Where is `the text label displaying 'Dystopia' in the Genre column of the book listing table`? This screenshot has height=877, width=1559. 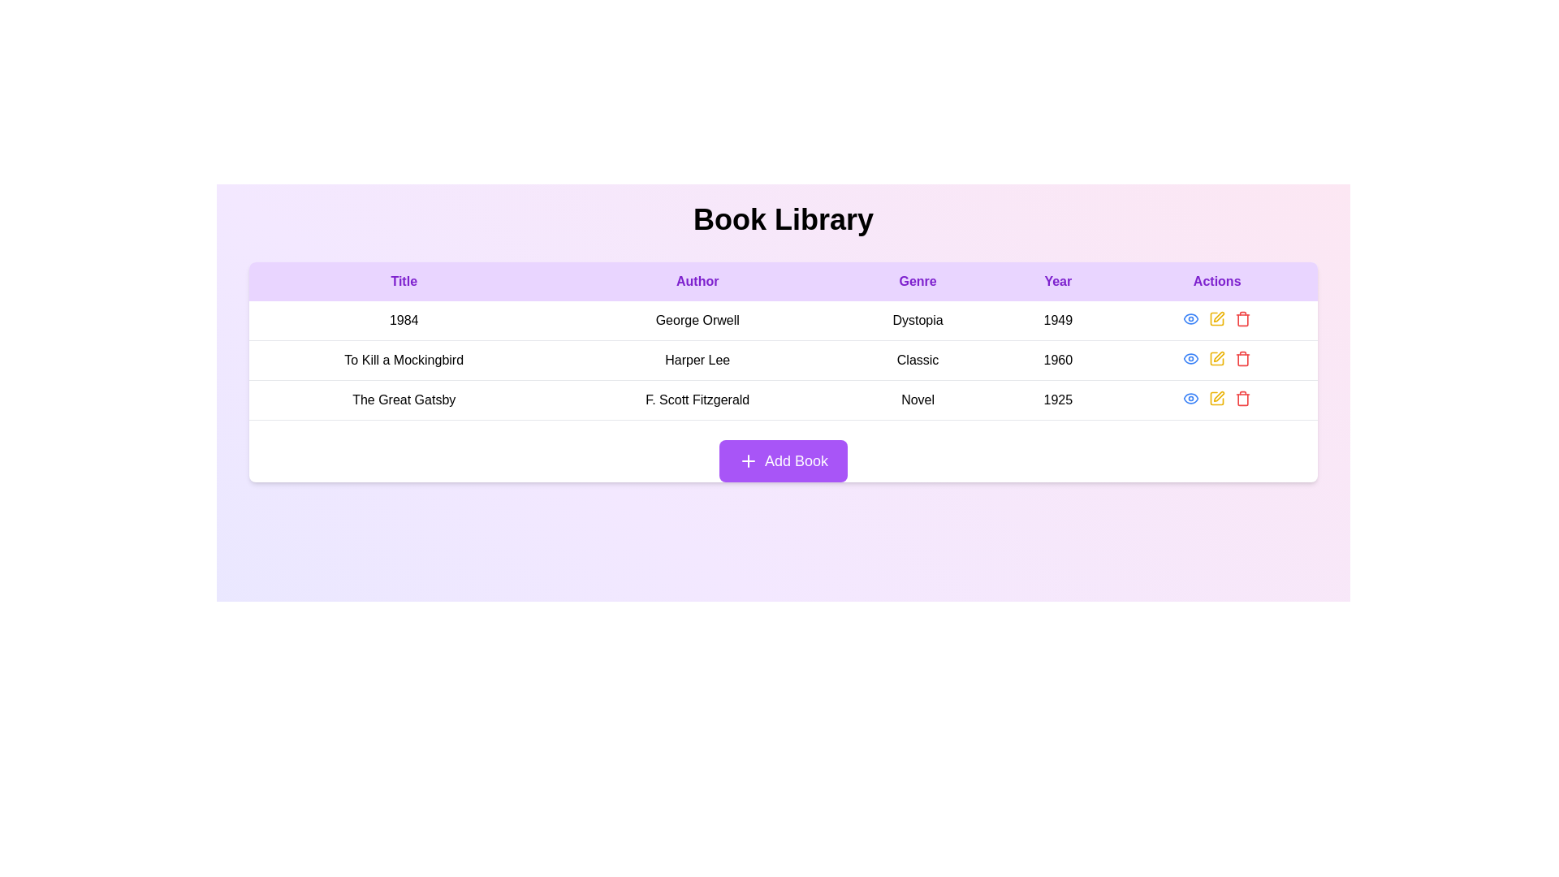 the text label displaying 'Dystopia' in the Genre column of the book listing table is located at coordinates (918, 321).